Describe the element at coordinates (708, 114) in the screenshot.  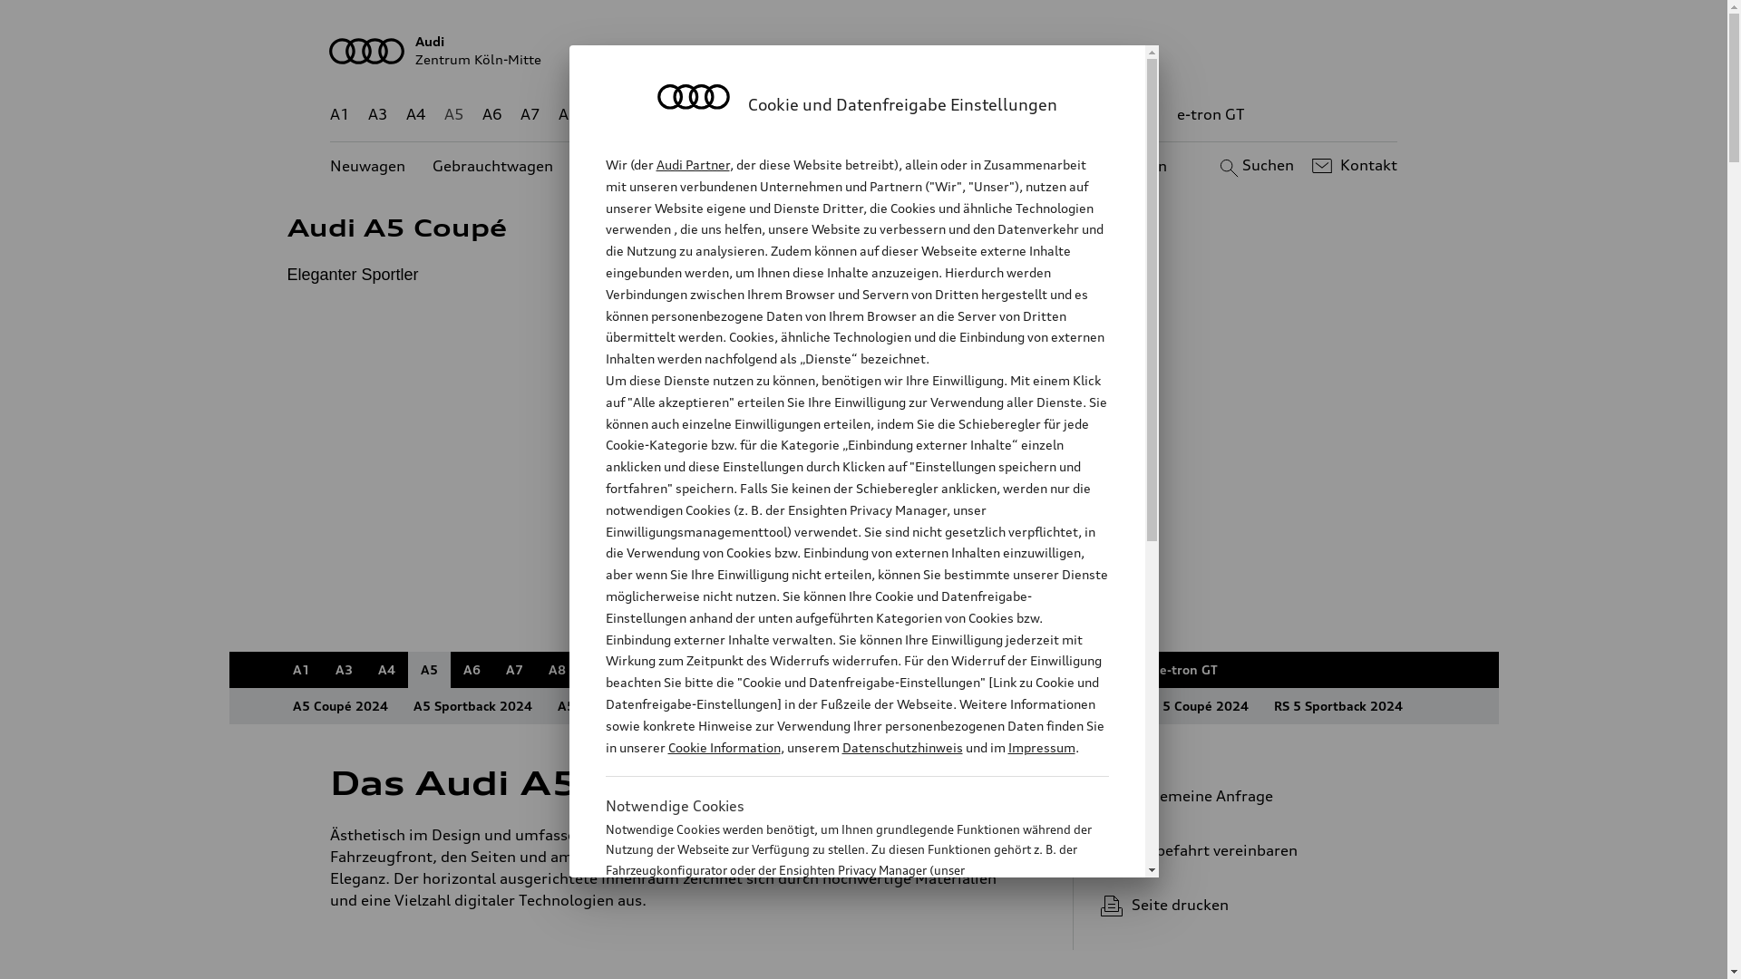
I see `'Q4 e-tron'` at that location.